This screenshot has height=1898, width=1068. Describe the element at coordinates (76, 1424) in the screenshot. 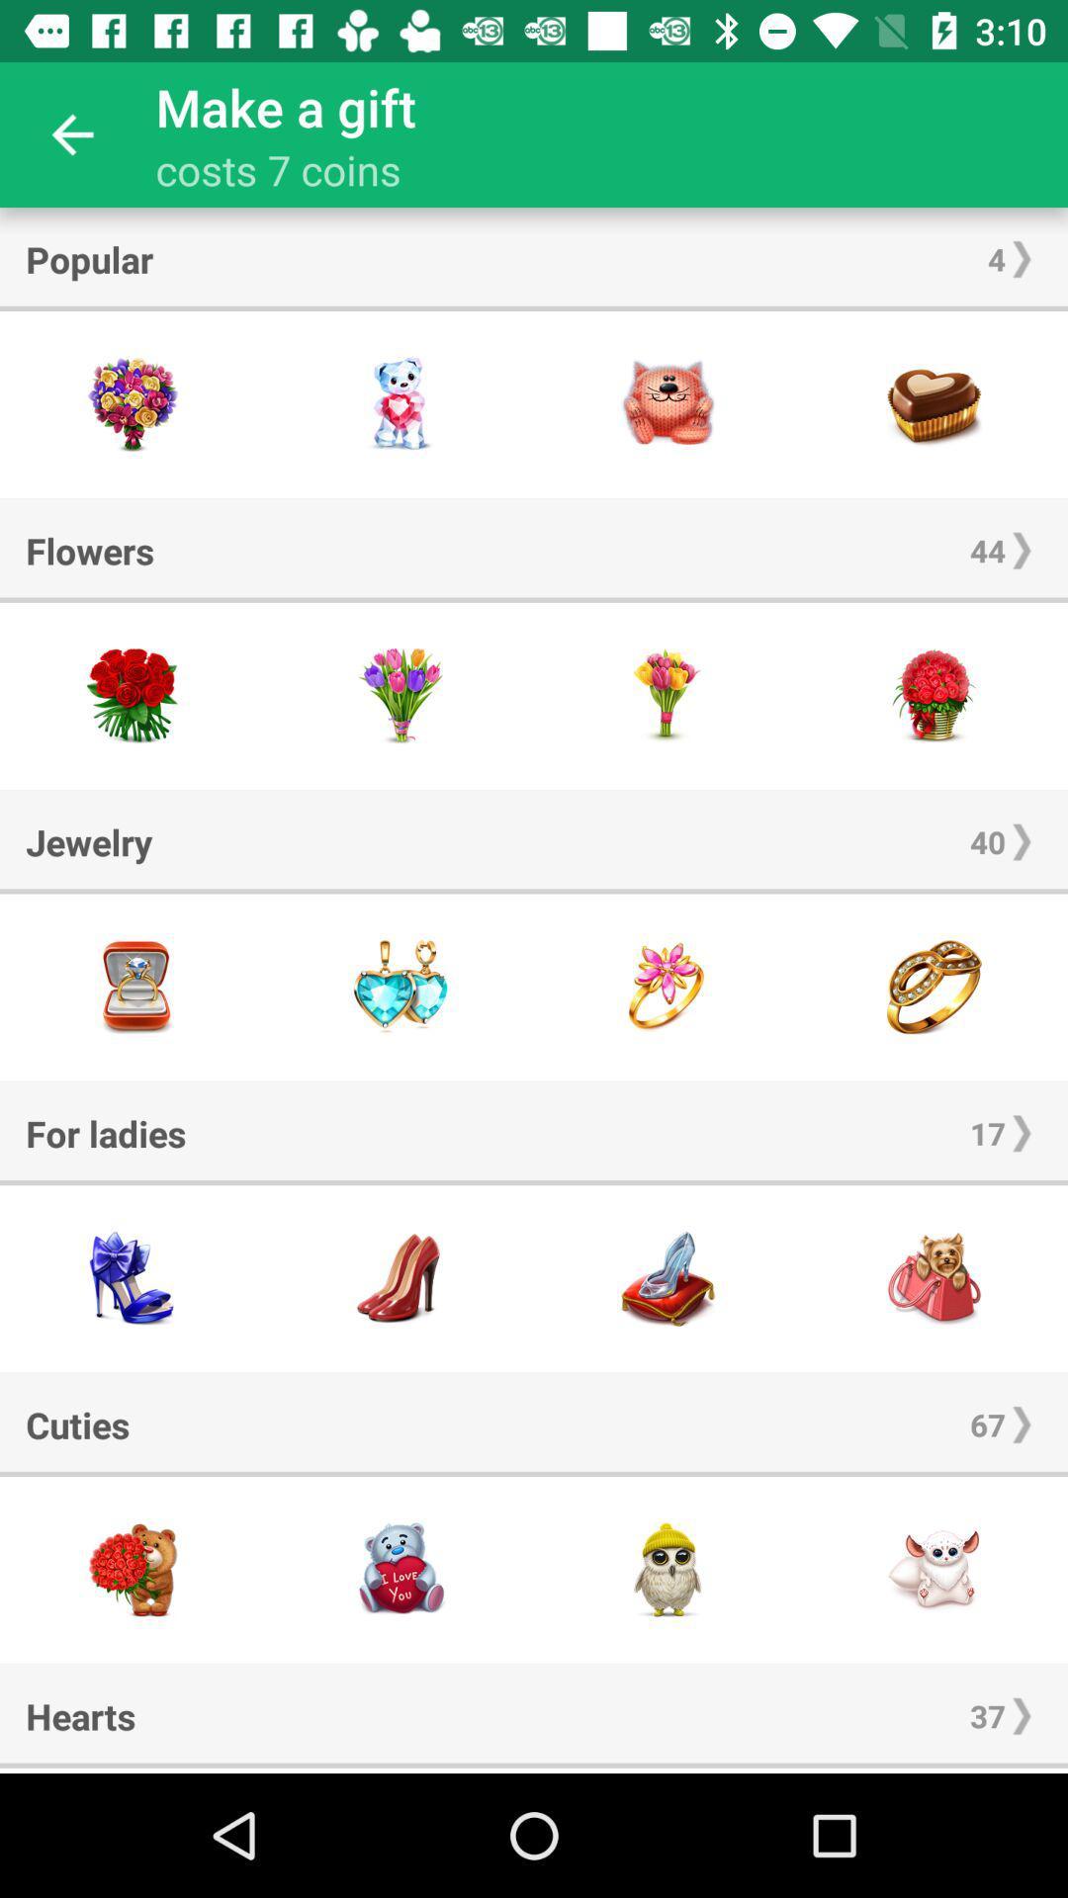

I see `the icon to the left of 67 icon` at that location.